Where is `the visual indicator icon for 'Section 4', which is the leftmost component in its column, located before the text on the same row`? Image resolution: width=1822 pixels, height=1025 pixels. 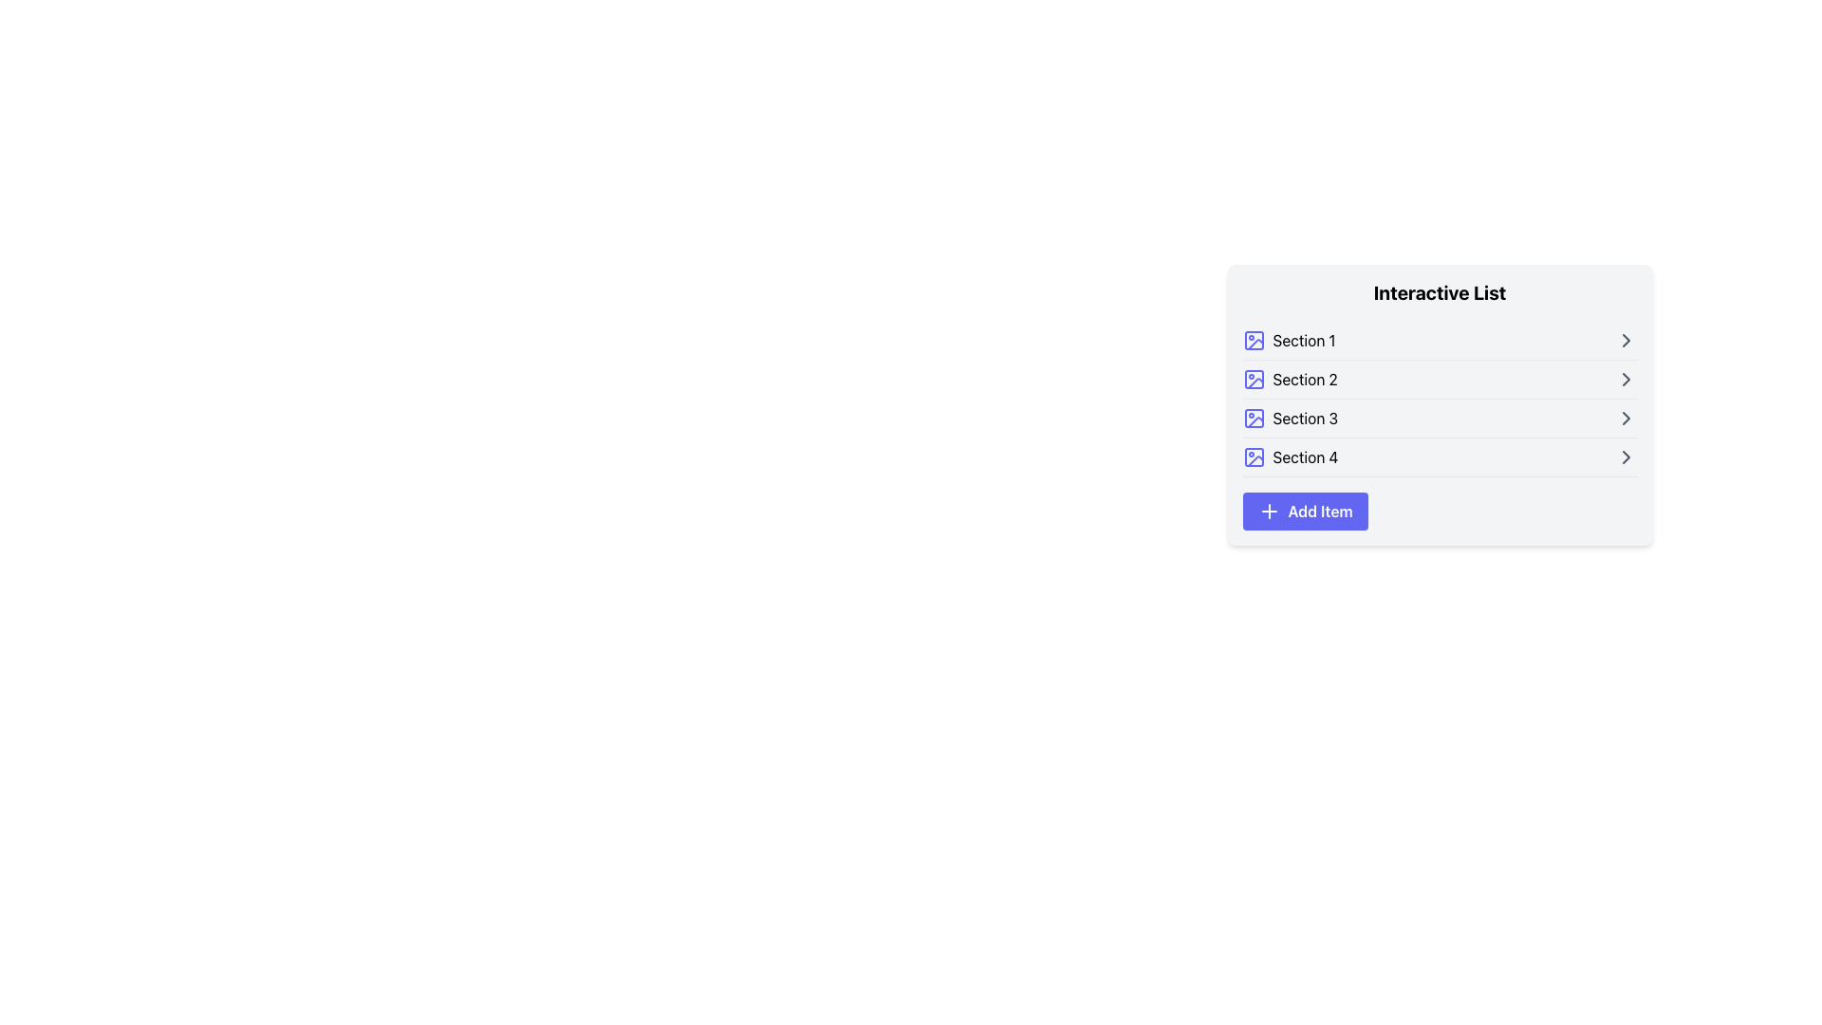
the visual indicator icon for 'Section 4', which is the leftmost component in its column, located before the text on the same row is located at coordinates (1254, 457).